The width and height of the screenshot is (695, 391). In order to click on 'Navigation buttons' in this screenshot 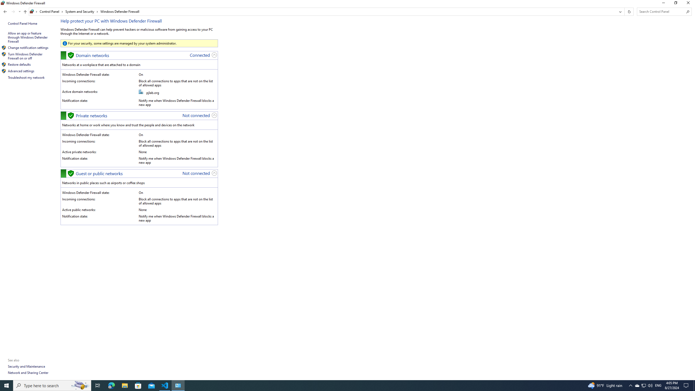, I will do `click(11, 11)`.